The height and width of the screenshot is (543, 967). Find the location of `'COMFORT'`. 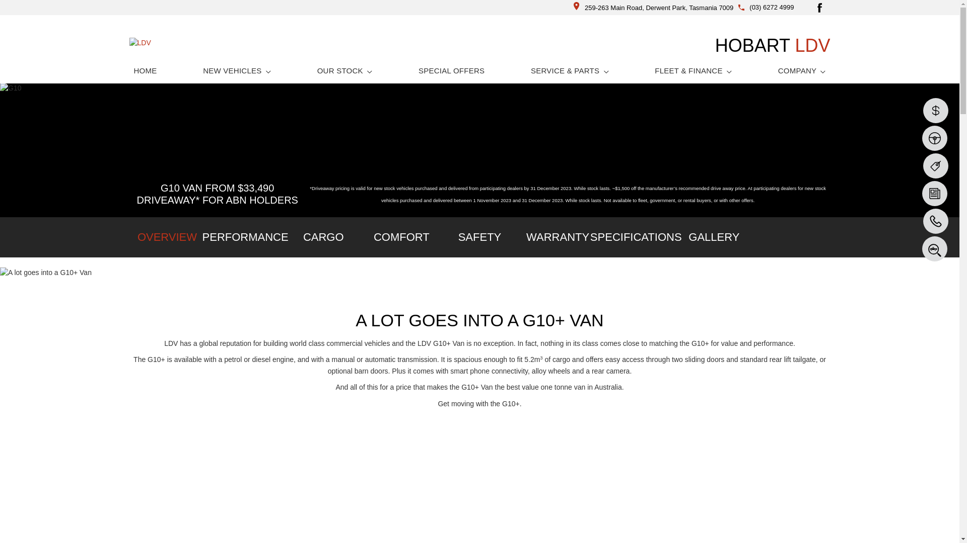

'COMFORT' is located at coordinates (363, 237).